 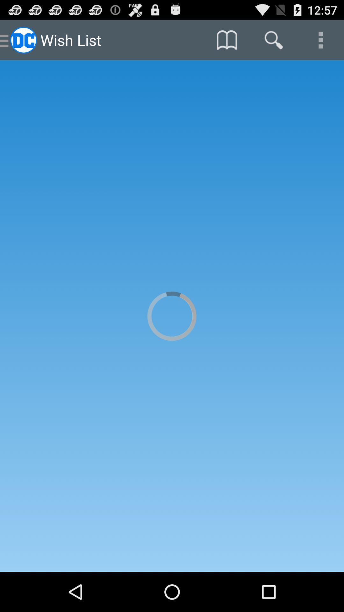 What do you see at coordinates (226, 40) in the screenshot?
I see `the item at the top` at bounding box center [226, 40].